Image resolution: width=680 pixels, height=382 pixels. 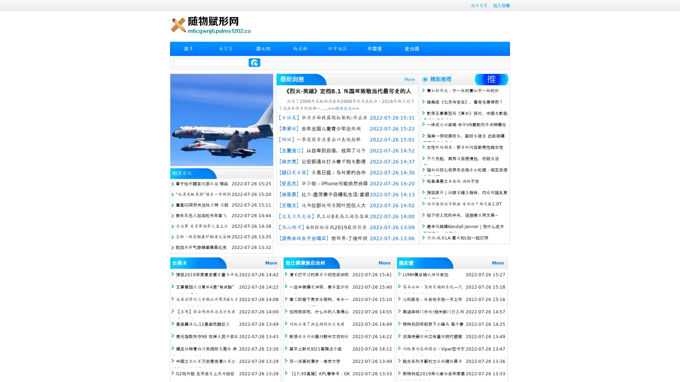 What do you see at coordinates (254, 62) in the screenshot?
I see `Search` at bounding box center [254, 62].